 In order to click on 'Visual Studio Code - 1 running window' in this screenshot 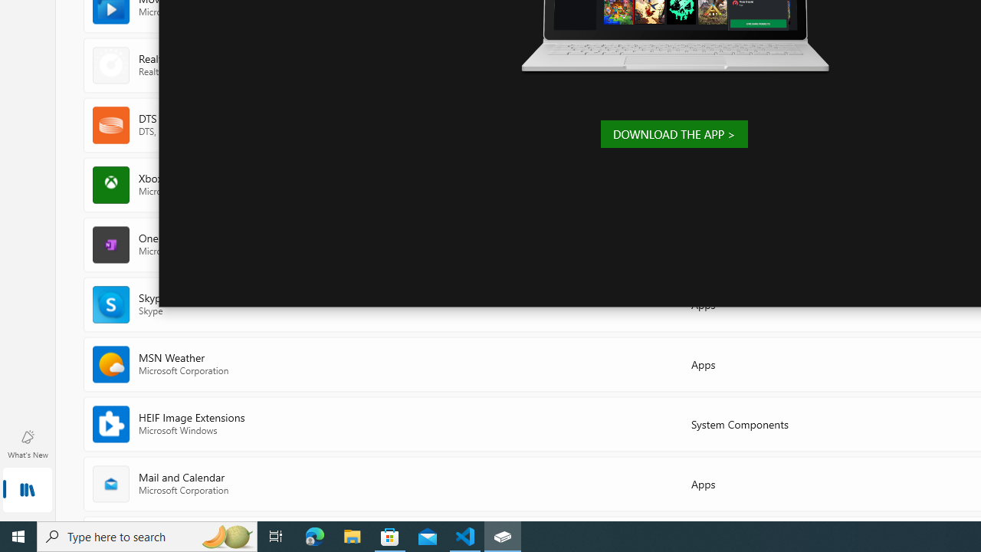, I will do `click(464, 535)`.